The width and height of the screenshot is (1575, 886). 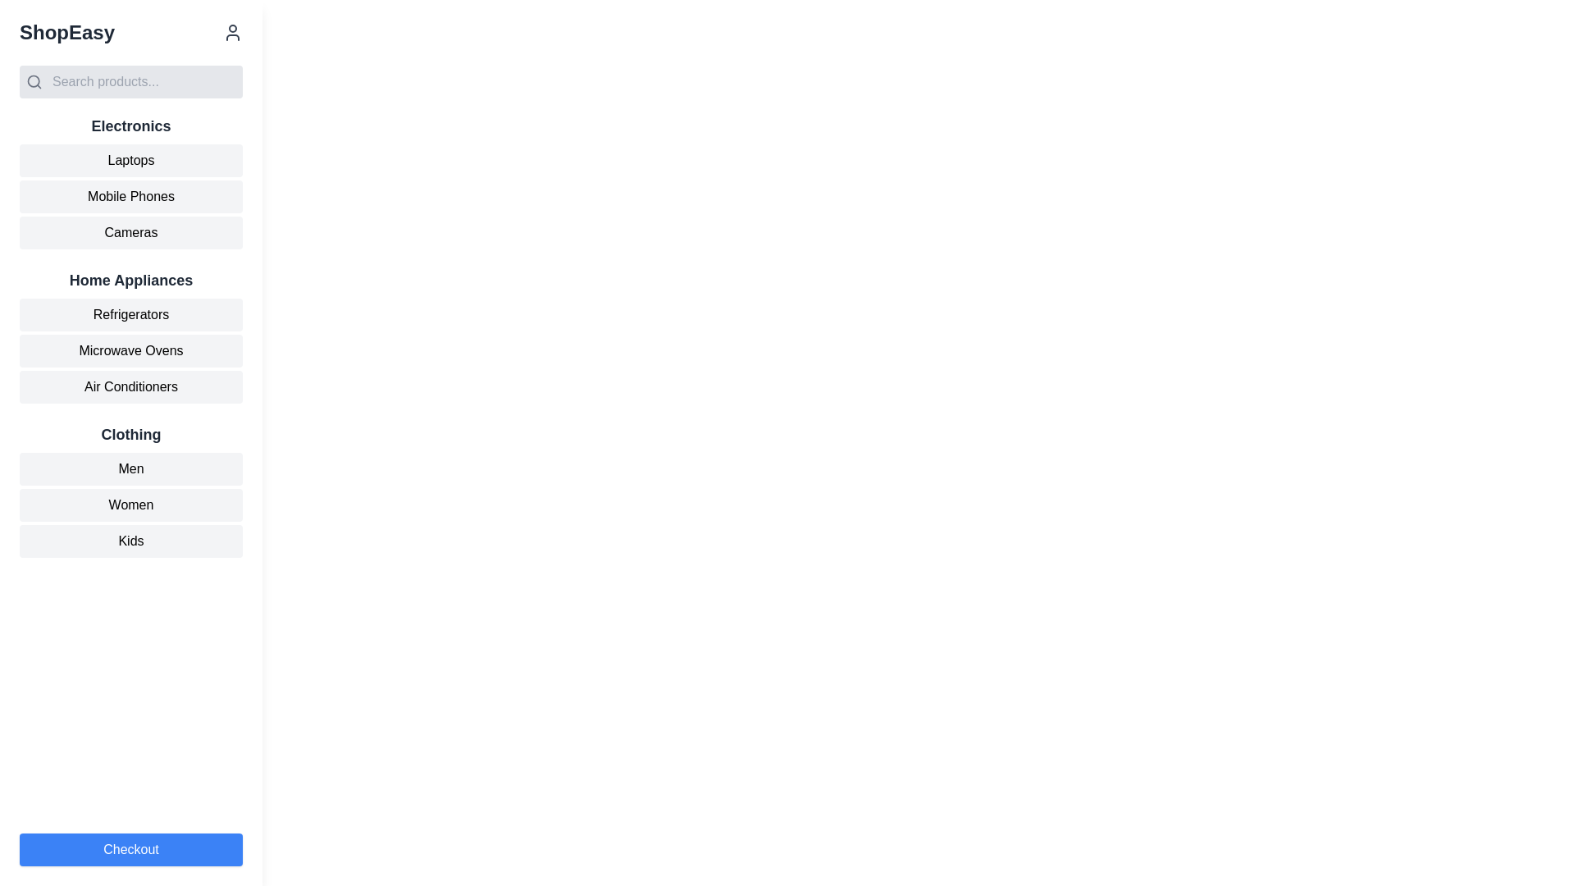 I want to click on the 'Mobile Phones' button, which is a rectangular element with a light gray background and bold black text, located under the 'Electronics' section, so click(x=130, y=195).